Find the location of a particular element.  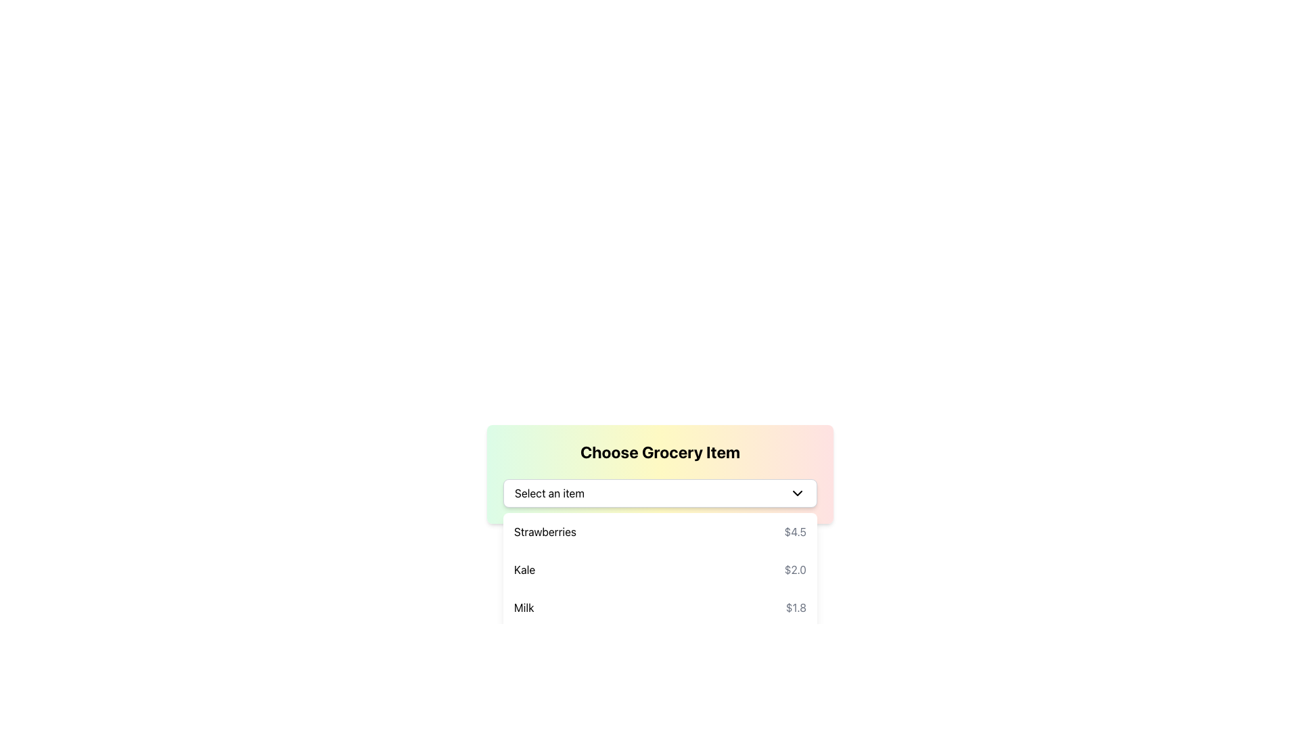

the dropdown menu option for 'Milk' priced at '$1.8', which is the third entry under 'Choose Grocery Item' is located at coordinates (660, 607).